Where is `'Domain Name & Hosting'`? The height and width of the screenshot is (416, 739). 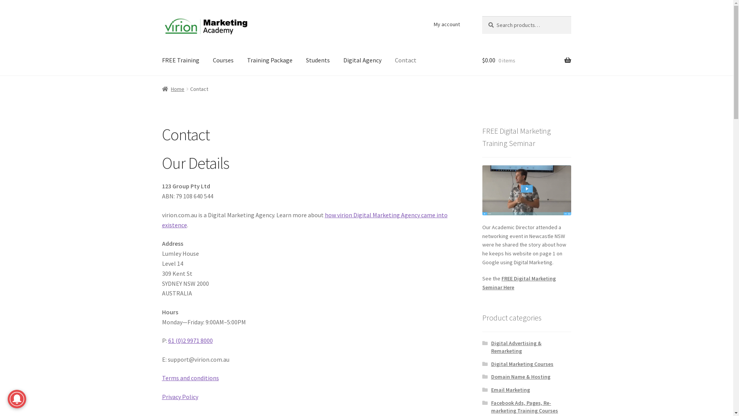 'Domain Name & Hosting' is located at coordinates (521, 376).